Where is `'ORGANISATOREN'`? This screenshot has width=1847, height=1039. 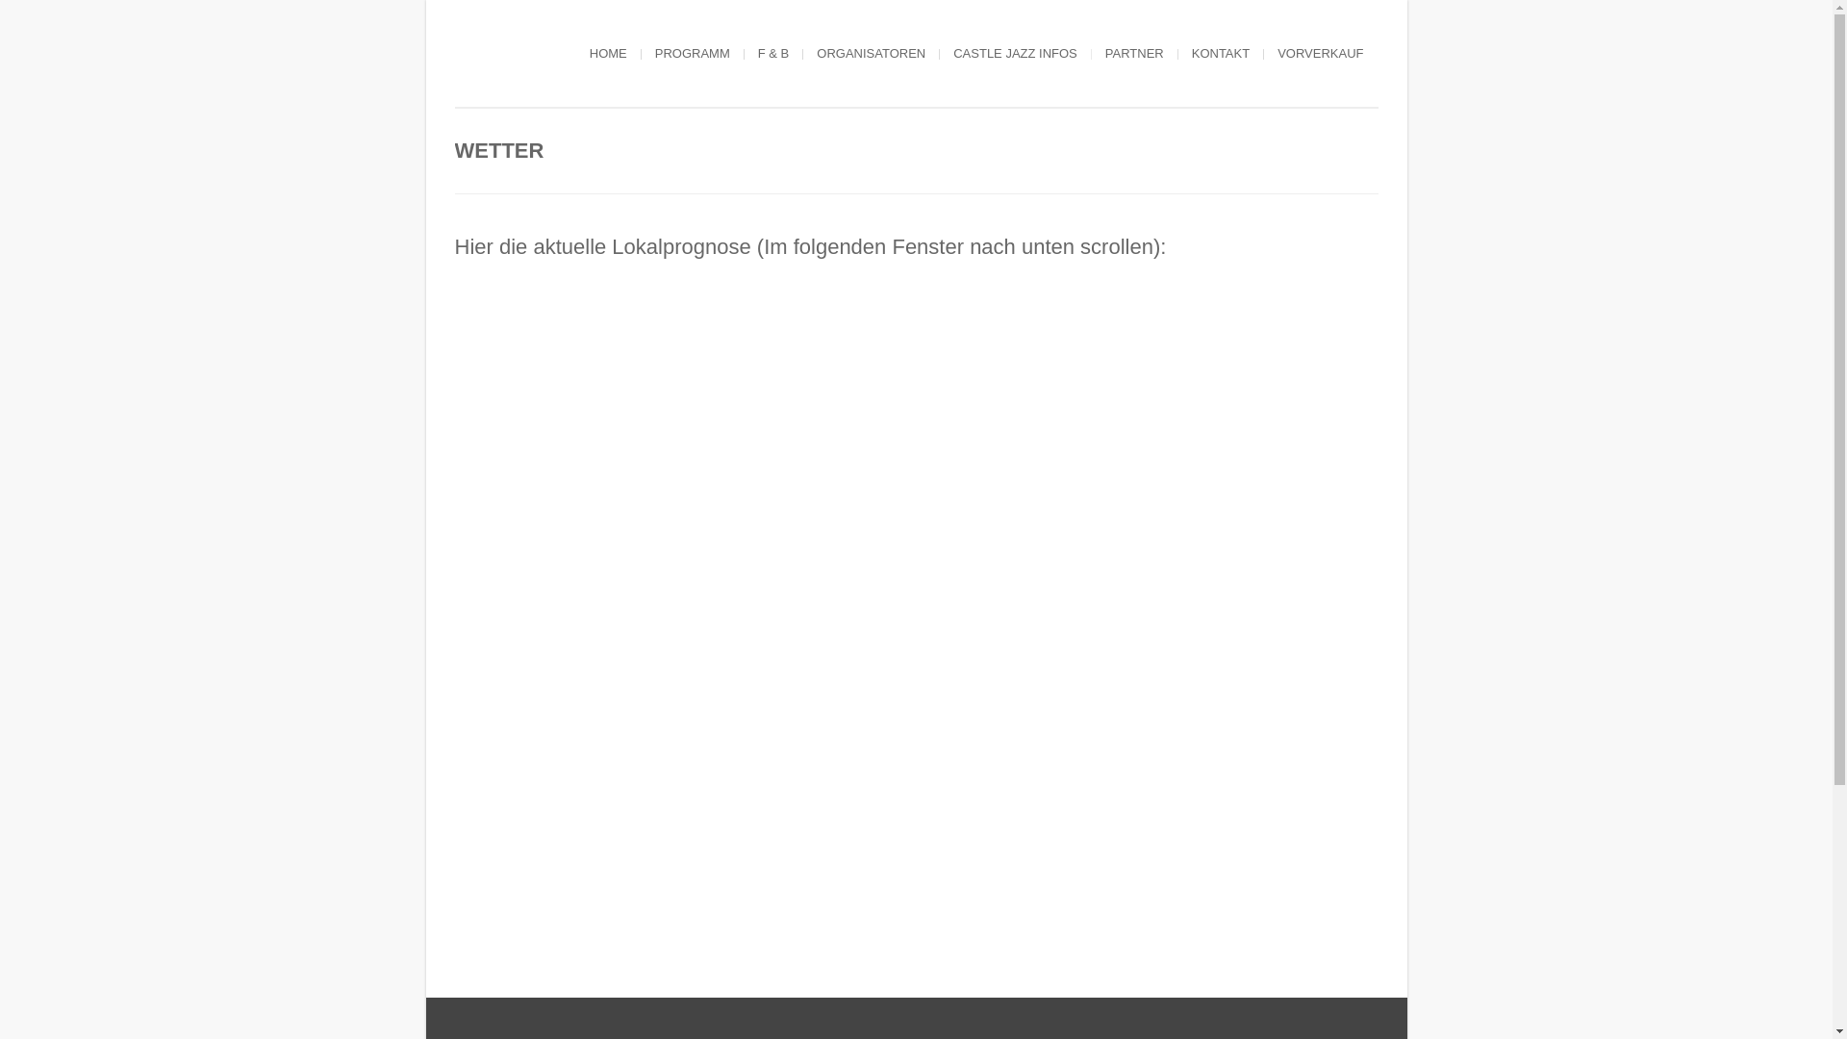 'ORGANISATOREN' is located at coordinates (802, 52).